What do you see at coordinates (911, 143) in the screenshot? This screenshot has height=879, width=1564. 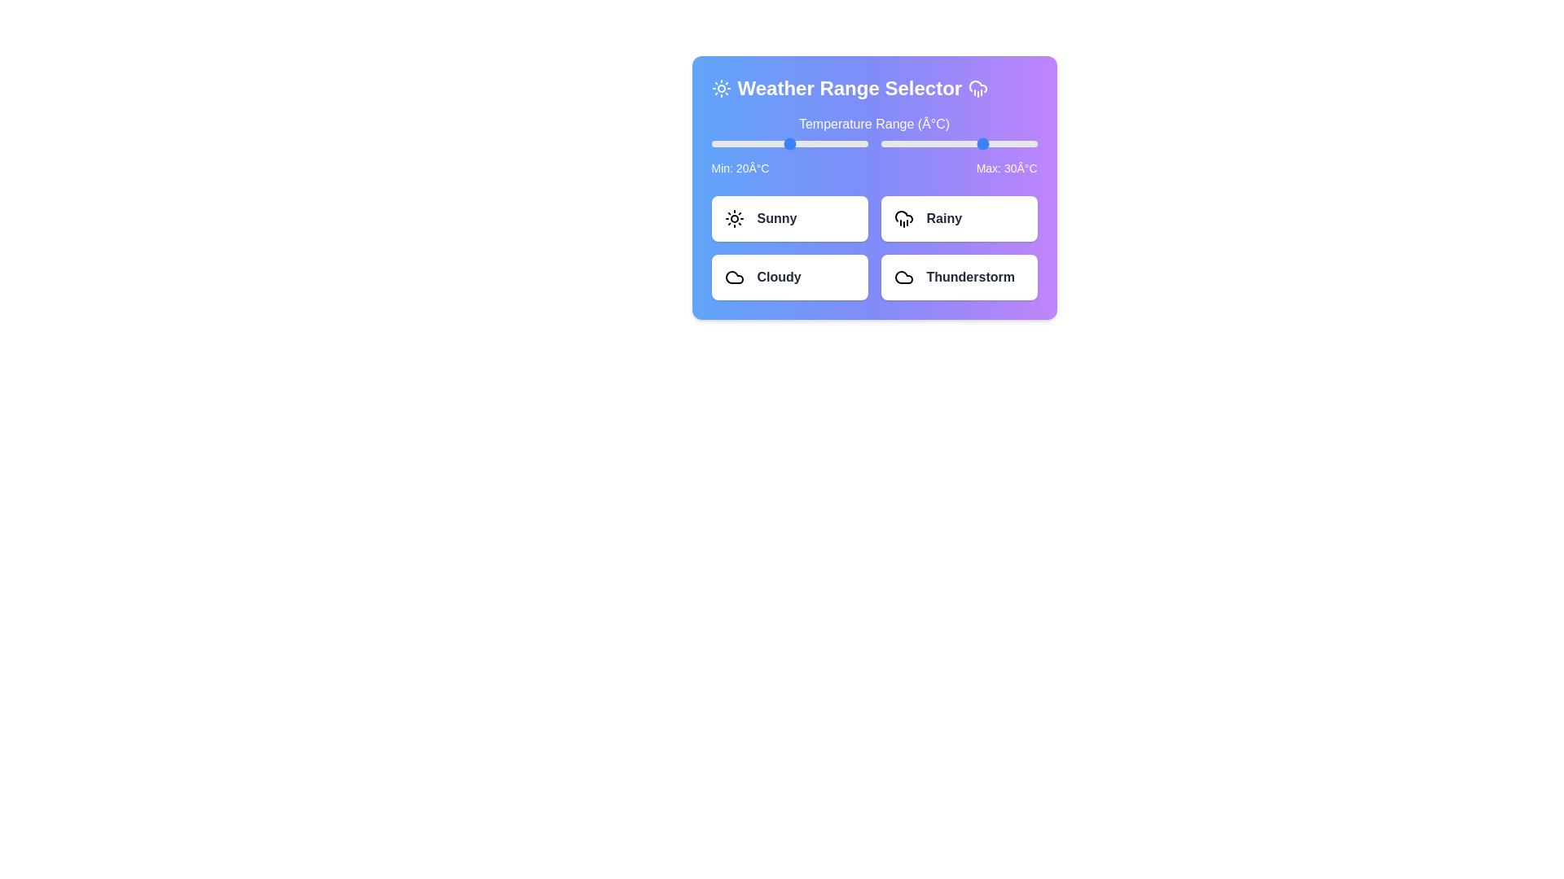 I see `the maximum temperature slider to 2°C` at bounding box center [911, 143].